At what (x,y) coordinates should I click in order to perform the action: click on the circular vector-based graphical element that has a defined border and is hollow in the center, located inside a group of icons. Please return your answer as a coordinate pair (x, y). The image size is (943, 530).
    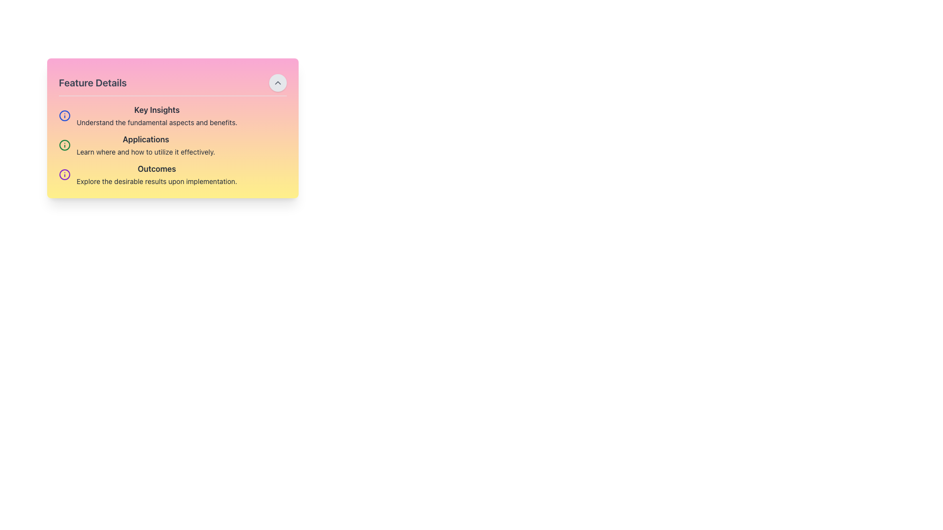
    Looking at the image, I should click on (64, 174).